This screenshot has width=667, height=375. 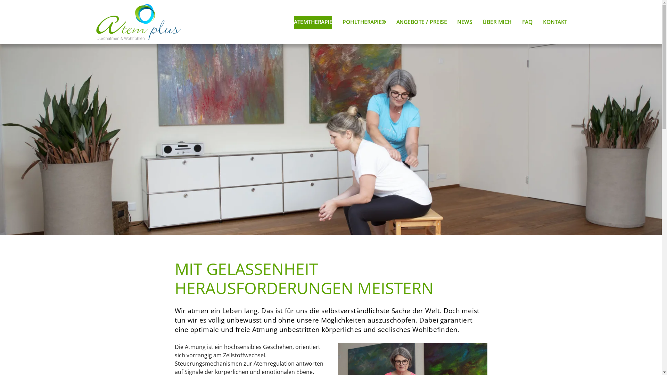 What do you see at coordinates (313, 22) in the screenshot?
I see `'ATEMTHERAPIE'` at bounding box center [313, 22].